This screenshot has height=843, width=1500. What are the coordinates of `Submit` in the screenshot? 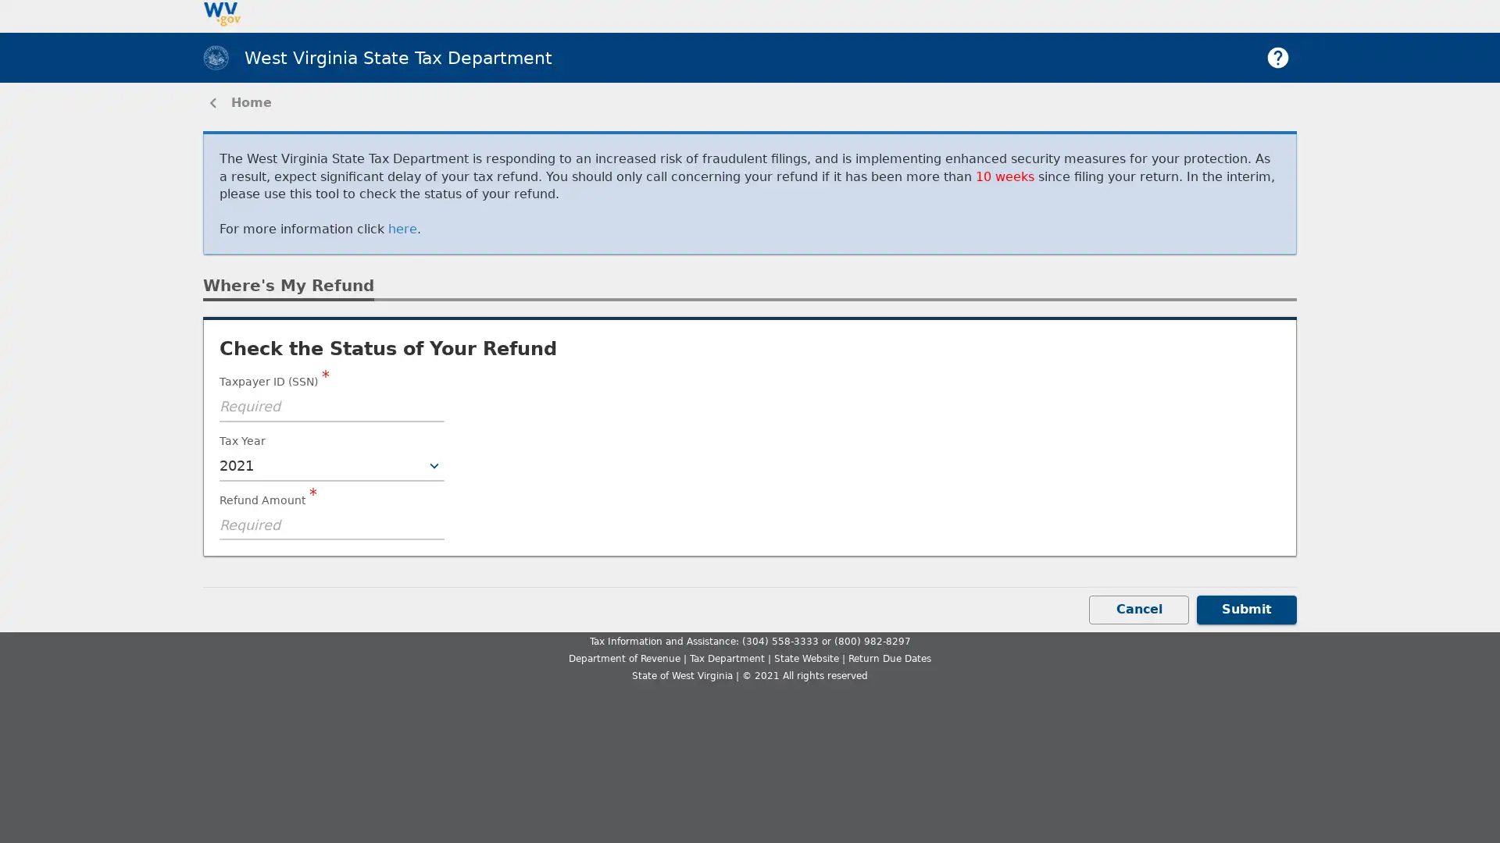 It's located at (1246, 608).